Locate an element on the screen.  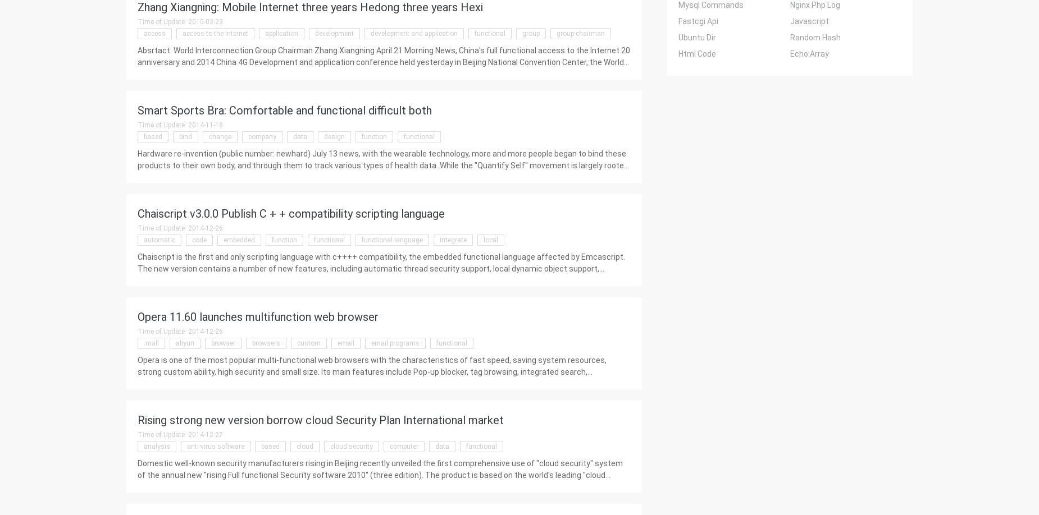
'integrate' is located at coordinates (453, 239).